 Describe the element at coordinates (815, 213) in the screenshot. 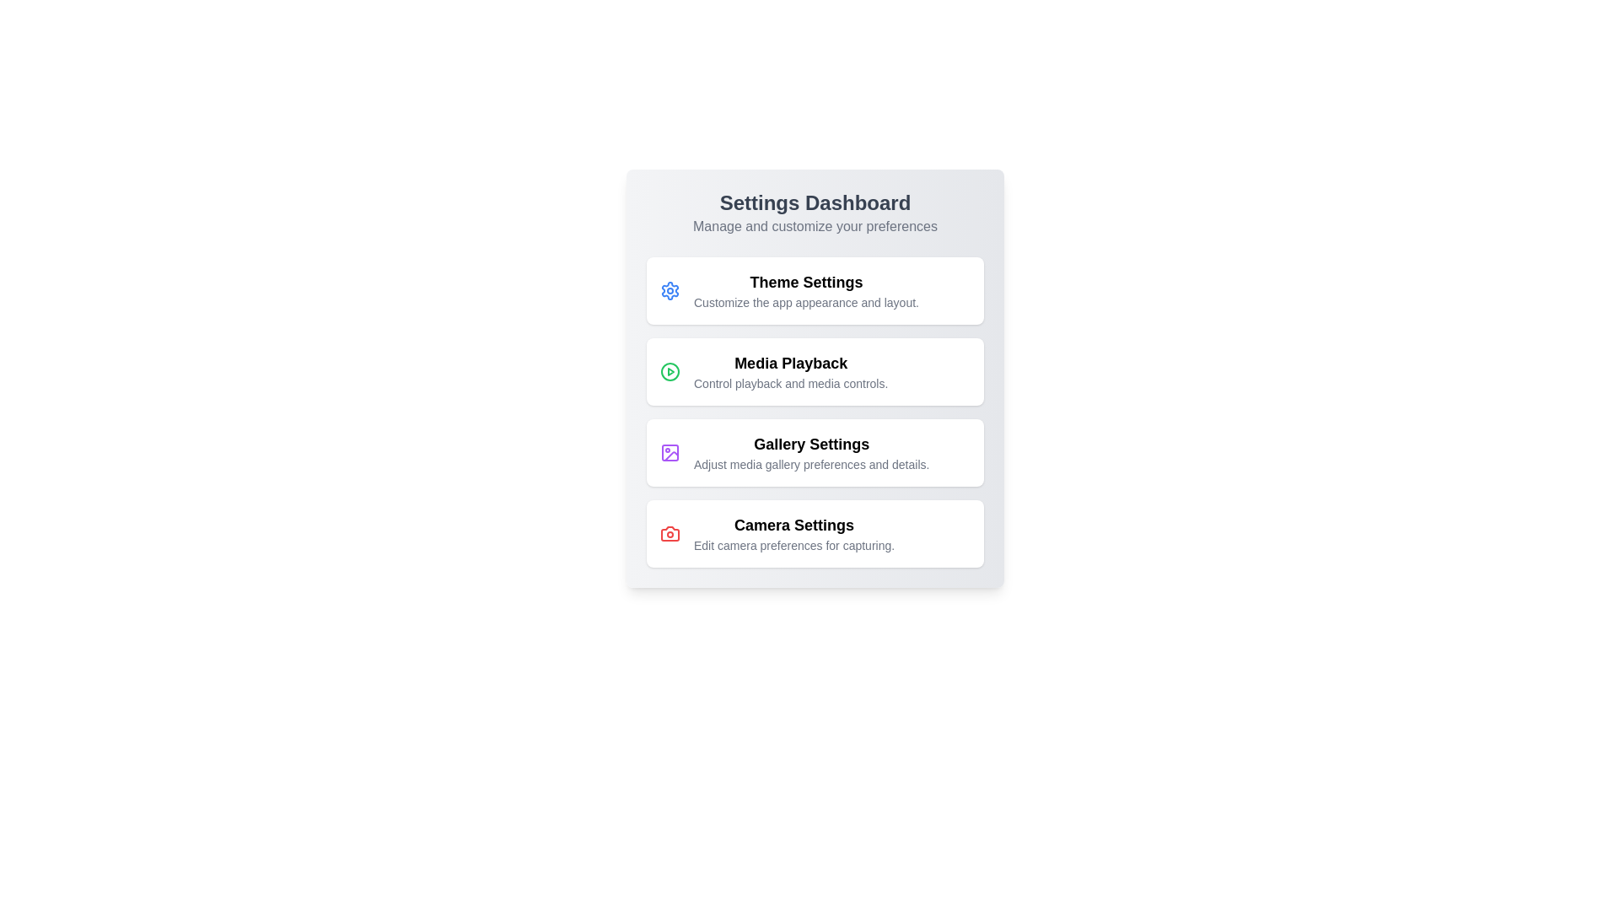

I see `the textual heading 'Settings Dashboard' with the subtitle 'Manage and customize your preferences' located at the top of the card` at that location.